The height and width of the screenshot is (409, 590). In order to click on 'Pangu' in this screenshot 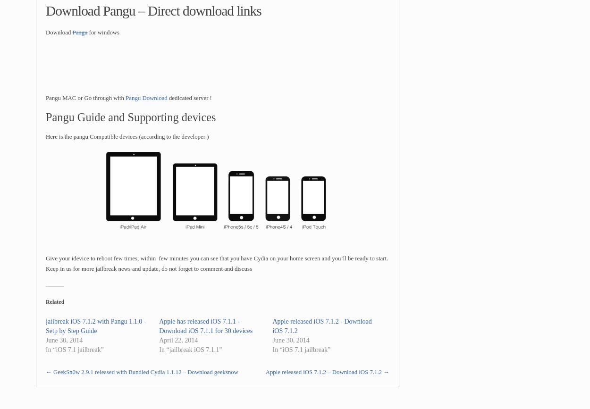, I will do `click(72, 32)`.